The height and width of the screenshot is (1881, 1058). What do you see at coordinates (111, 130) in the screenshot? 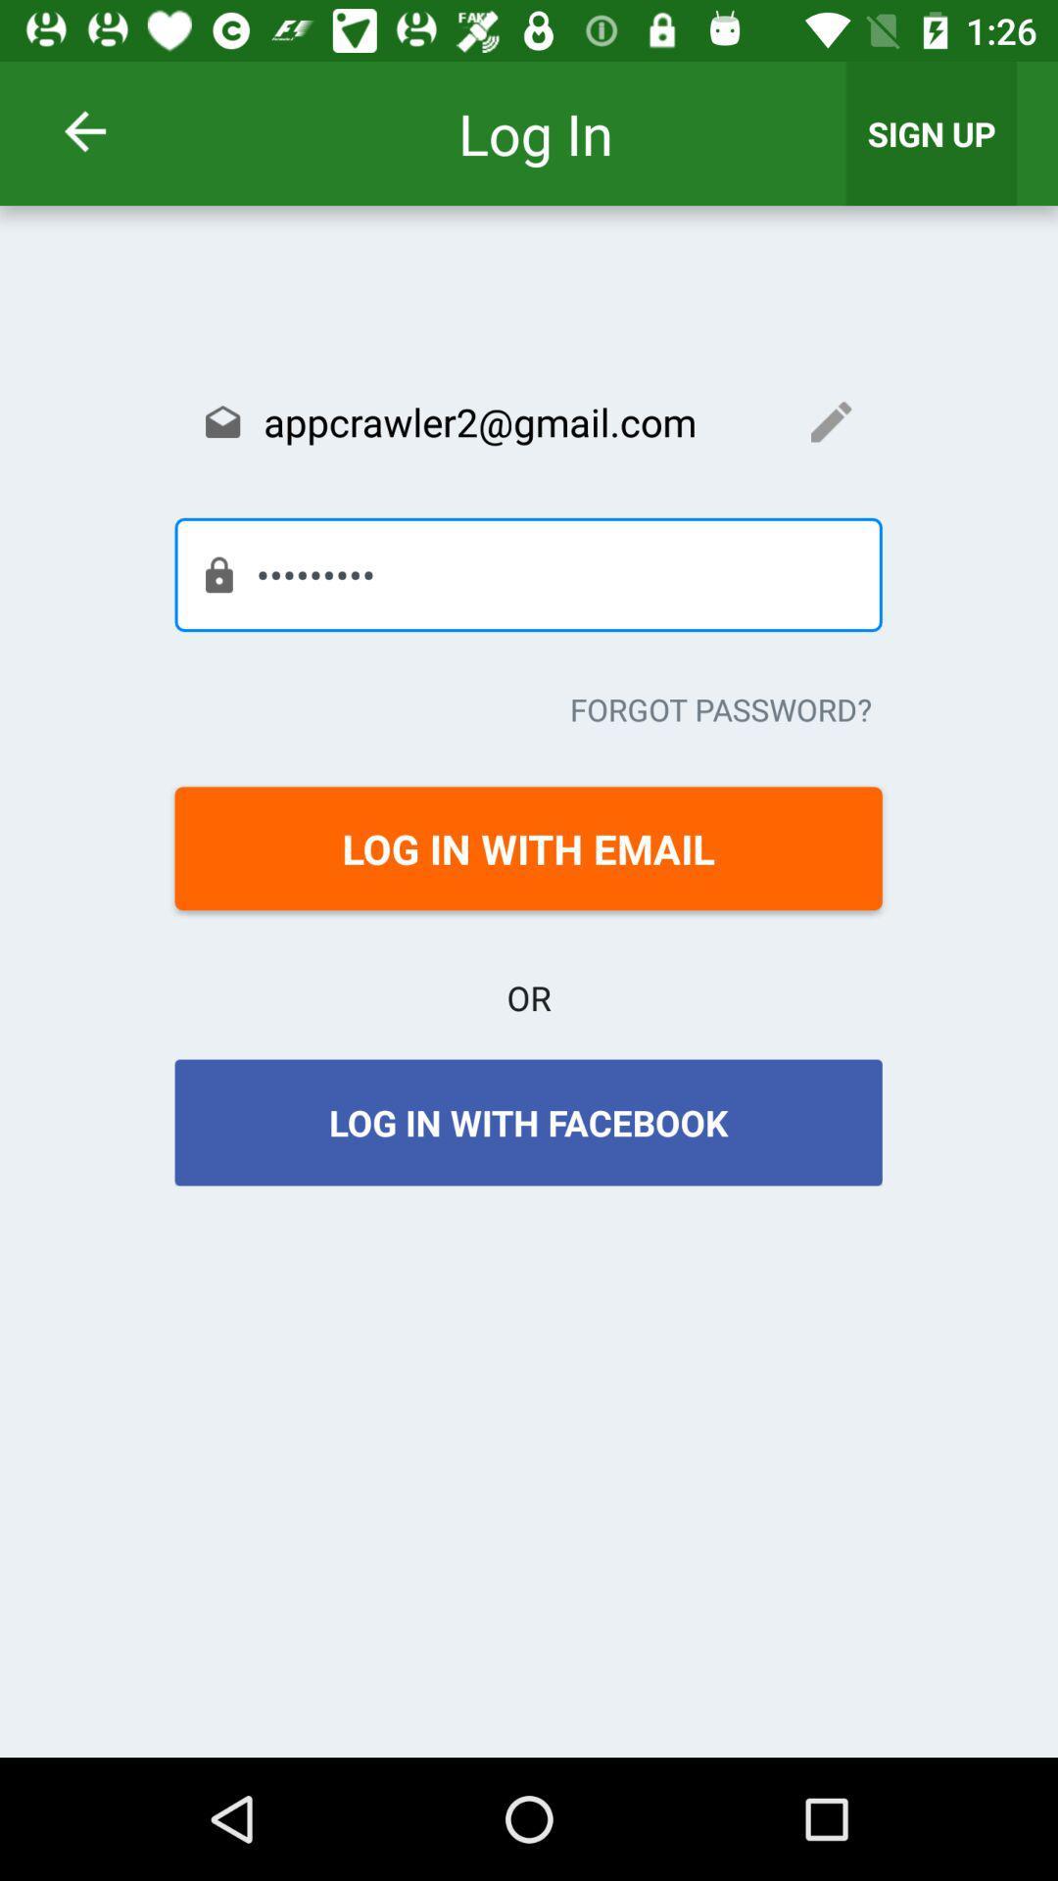
I see `item above the appcrawler2@gmail.com` at bounding box center [111, 130].